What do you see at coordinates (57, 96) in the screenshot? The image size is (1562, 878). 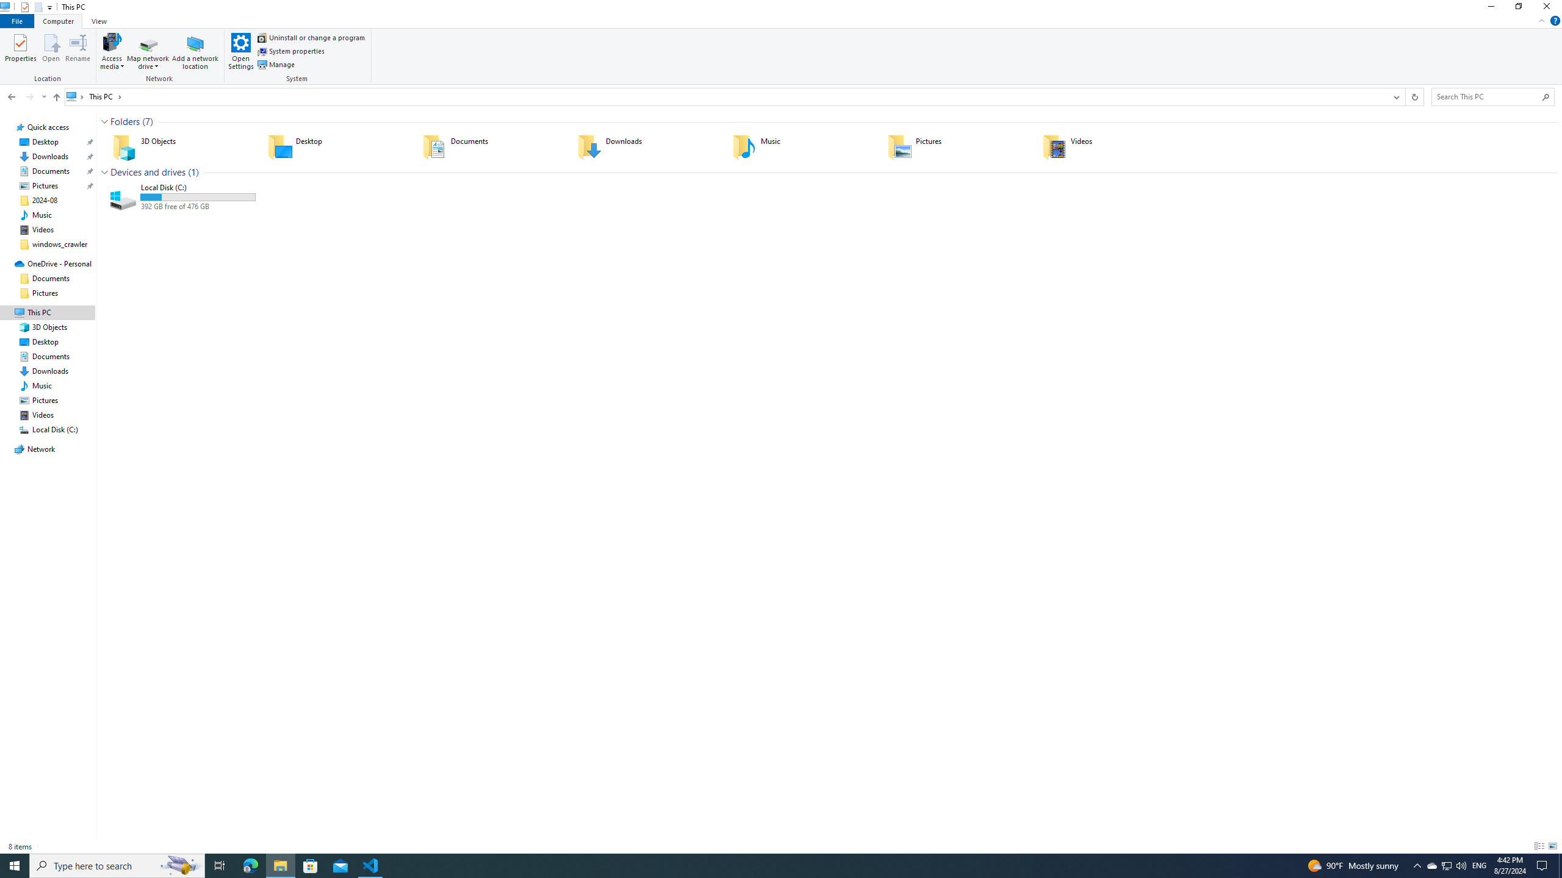 I see `'Up to "Desktop" (Alt + Up Arrow)'` at bounding box center [57, 96].